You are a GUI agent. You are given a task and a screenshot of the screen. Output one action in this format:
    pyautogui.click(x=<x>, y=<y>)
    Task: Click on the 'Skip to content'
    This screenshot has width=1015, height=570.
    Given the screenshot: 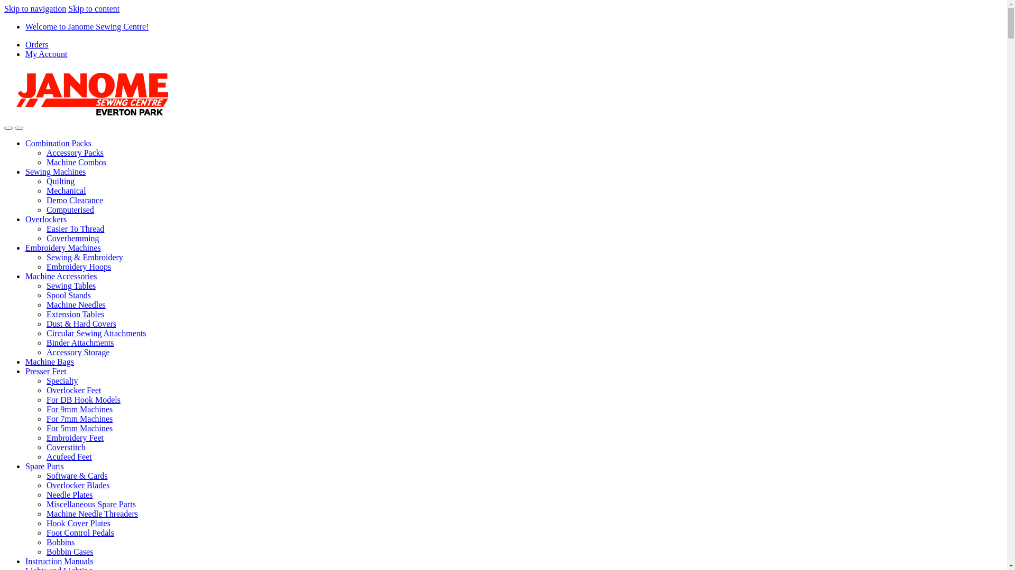 What is the action you would take?
    pyautogui.click(x=94, y=8)
    